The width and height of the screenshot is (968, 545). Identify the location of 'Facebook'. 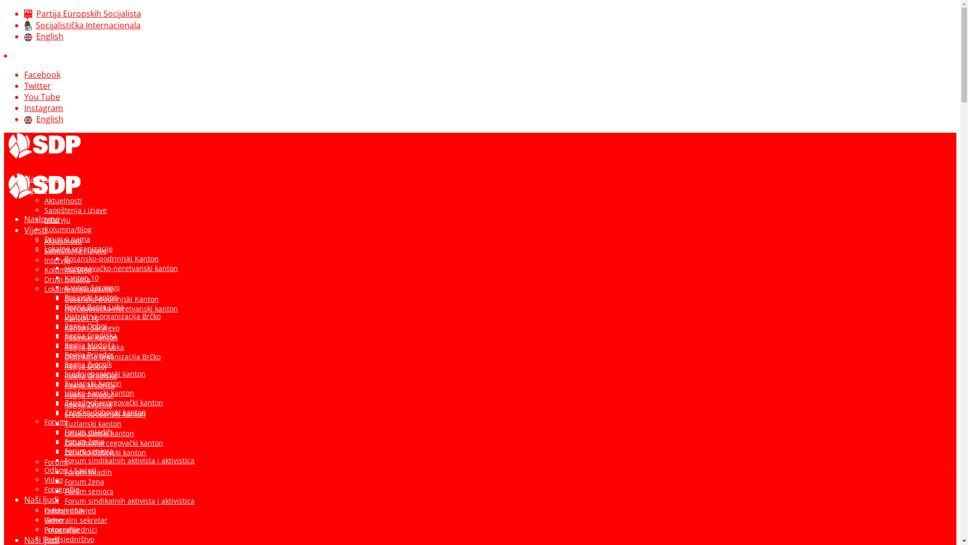
(41, 74).